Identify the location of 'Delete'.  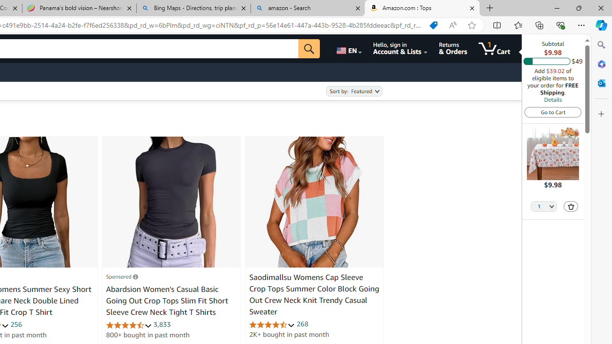
(571, 206).